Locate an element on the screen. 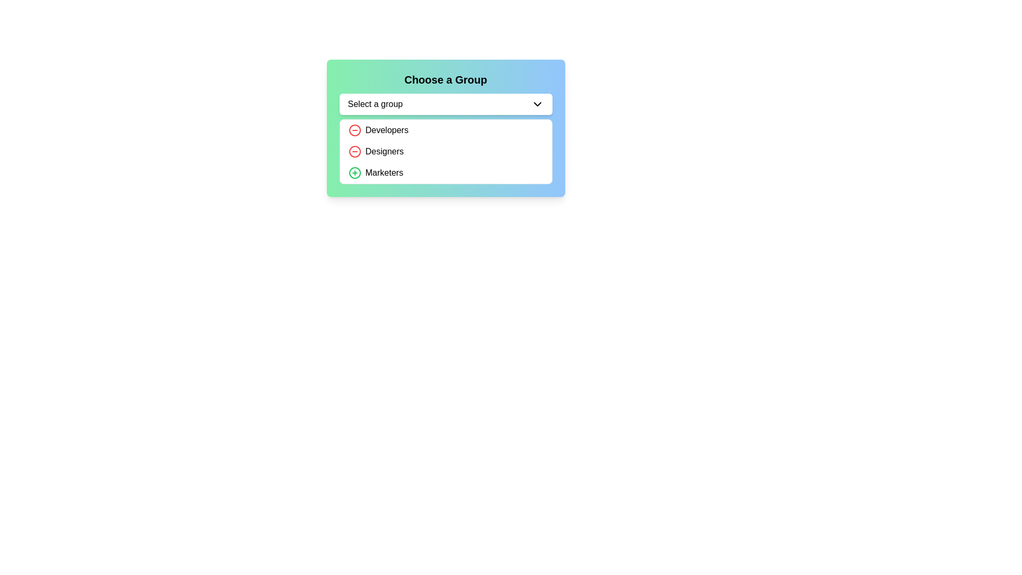 This screenshot has height=575, width=1022. the green circular icon with a plus sign next to the text 'Marketers' is located at coordinates (355, 172).